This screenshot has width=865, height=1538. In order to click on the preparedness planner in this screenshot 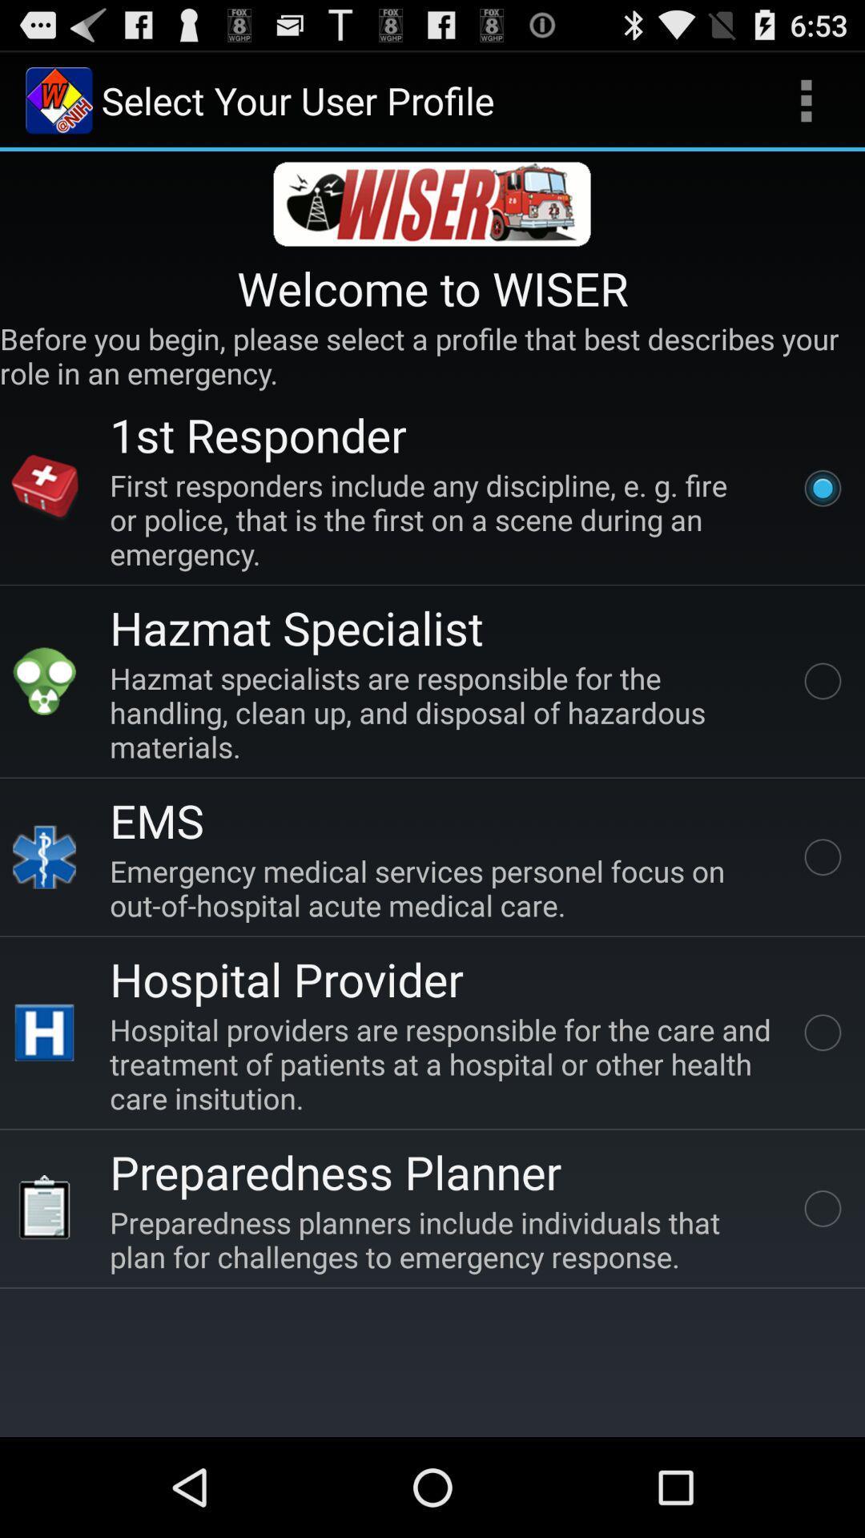, I will do `click(335, 1171)`.